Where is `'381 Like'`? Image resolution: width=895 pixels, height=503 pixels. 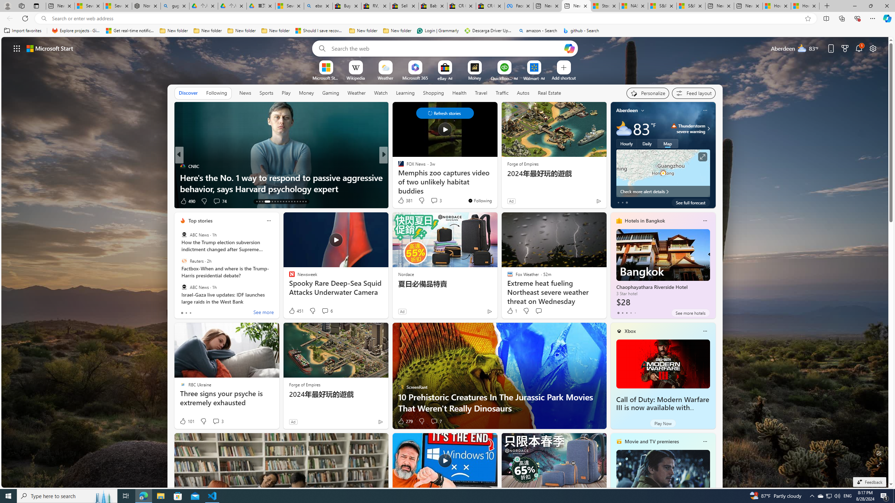
'381 Like' is located at coordinates (404, 200).